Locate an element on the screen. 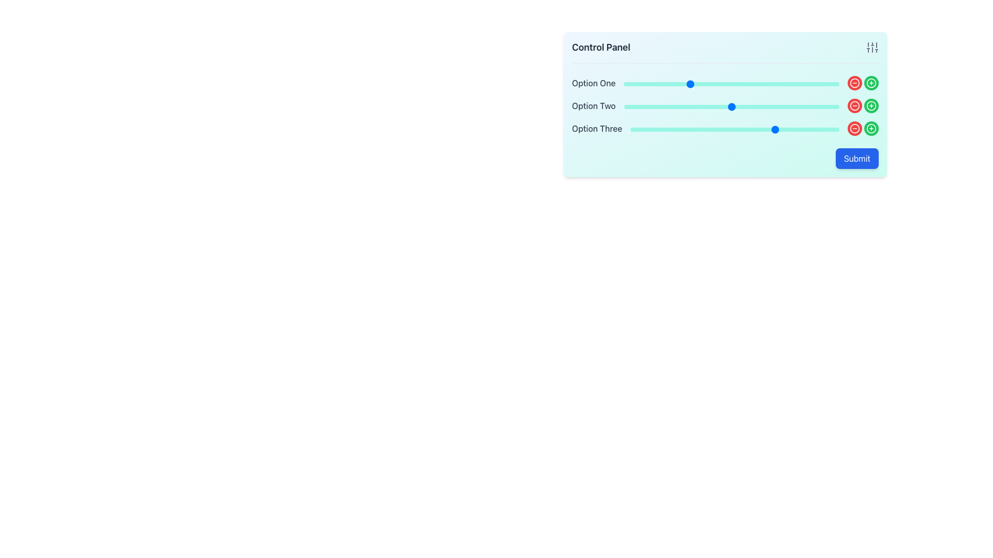 The width and height of the screenshot is (993, 558). the slider is located at coordinates (791, 107).